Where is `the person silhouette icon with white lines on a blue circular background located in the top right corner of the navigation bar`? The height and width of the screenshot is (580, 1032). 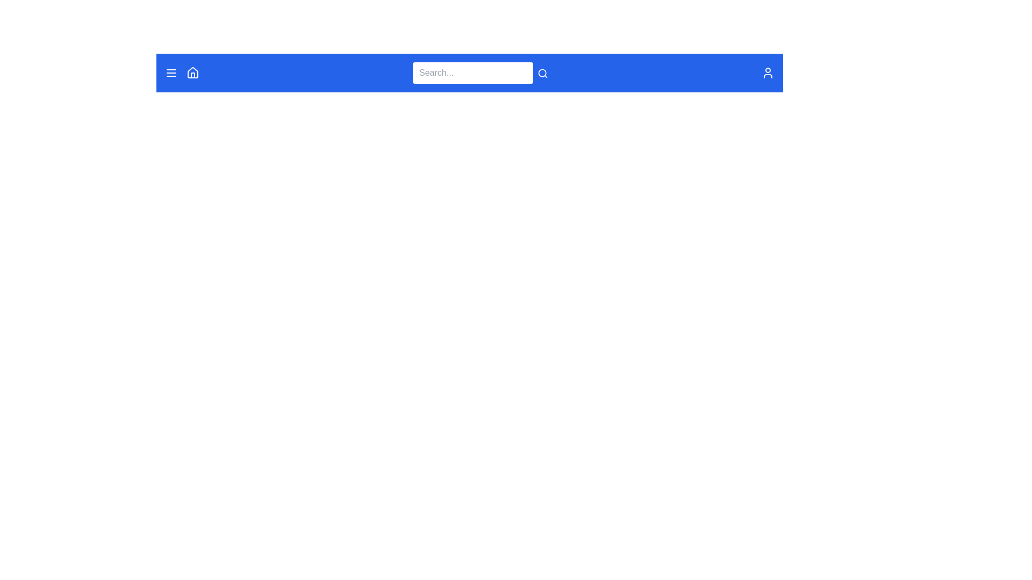 the person silhouette icon with white lines on a blue circular background located in the top right corner of the navigation bar is located at coordinates (768, 73).